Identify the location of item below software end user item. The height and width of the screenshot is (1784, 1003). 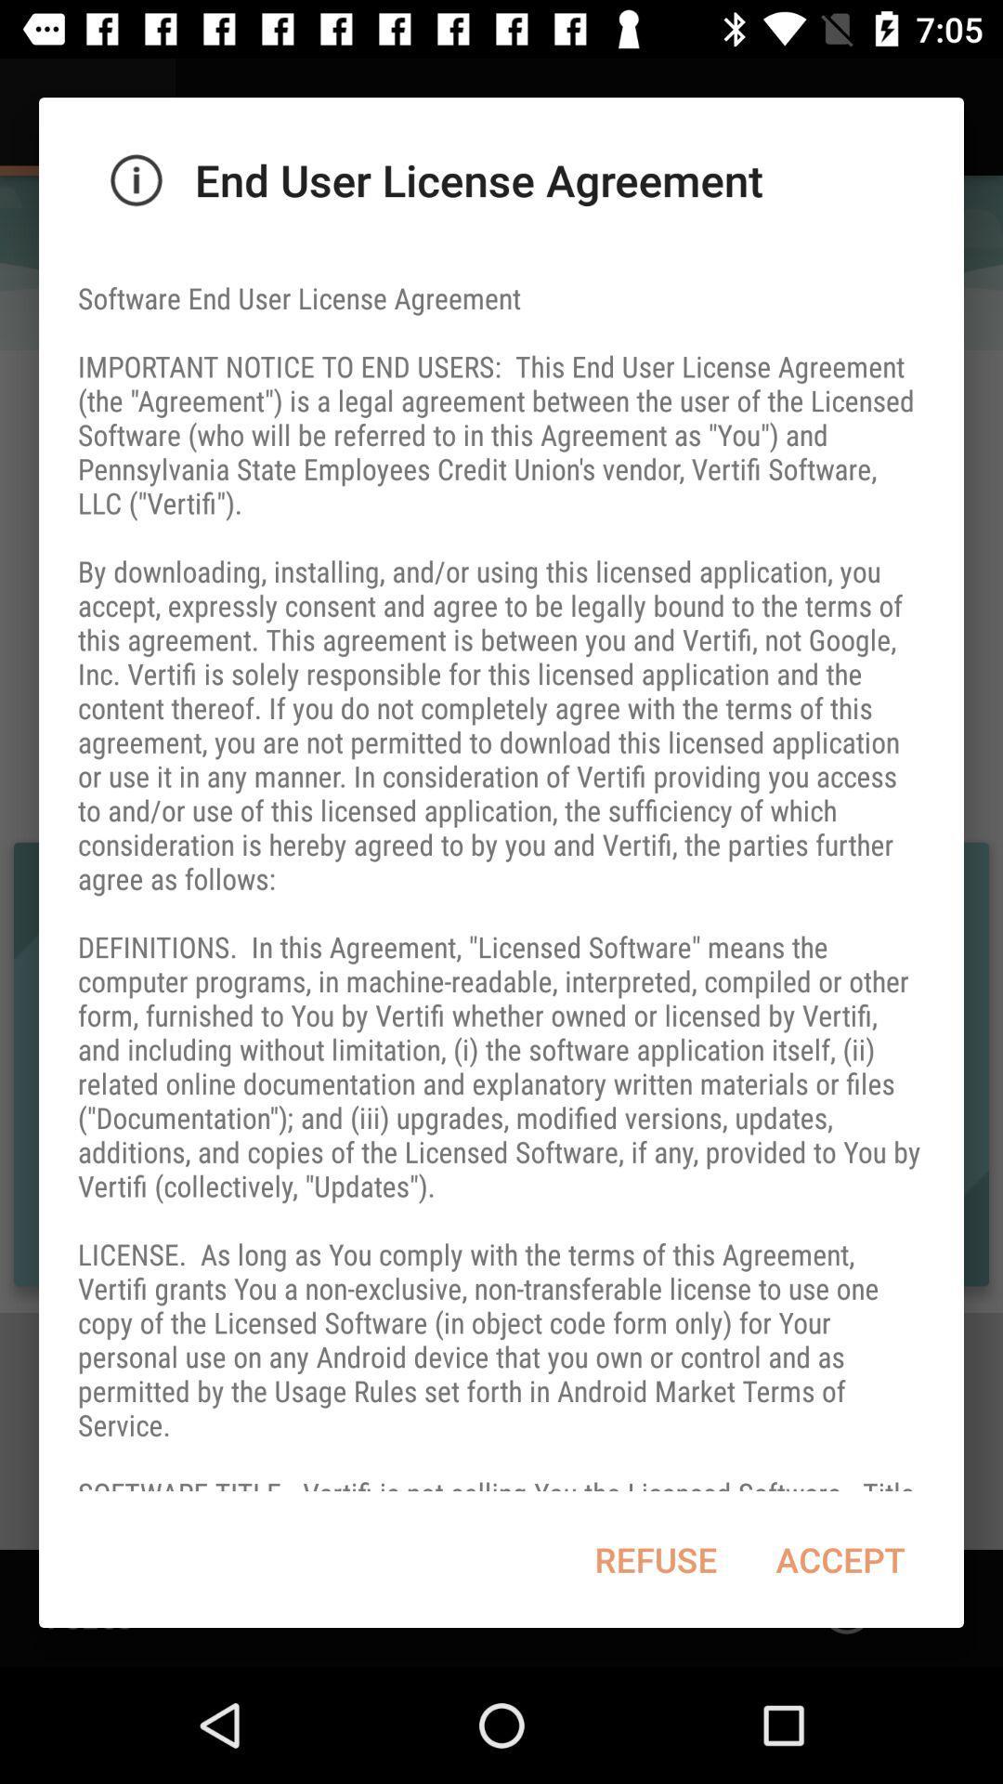
(655, 1559).